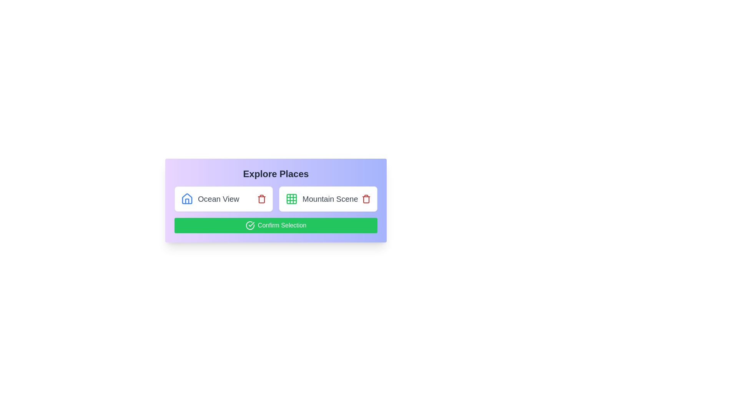 This screenshot has height=415, width=738. I want to click on the Interactive label with an attached icon that has a house icon and the text 'Ocean View', so click(210, 198).